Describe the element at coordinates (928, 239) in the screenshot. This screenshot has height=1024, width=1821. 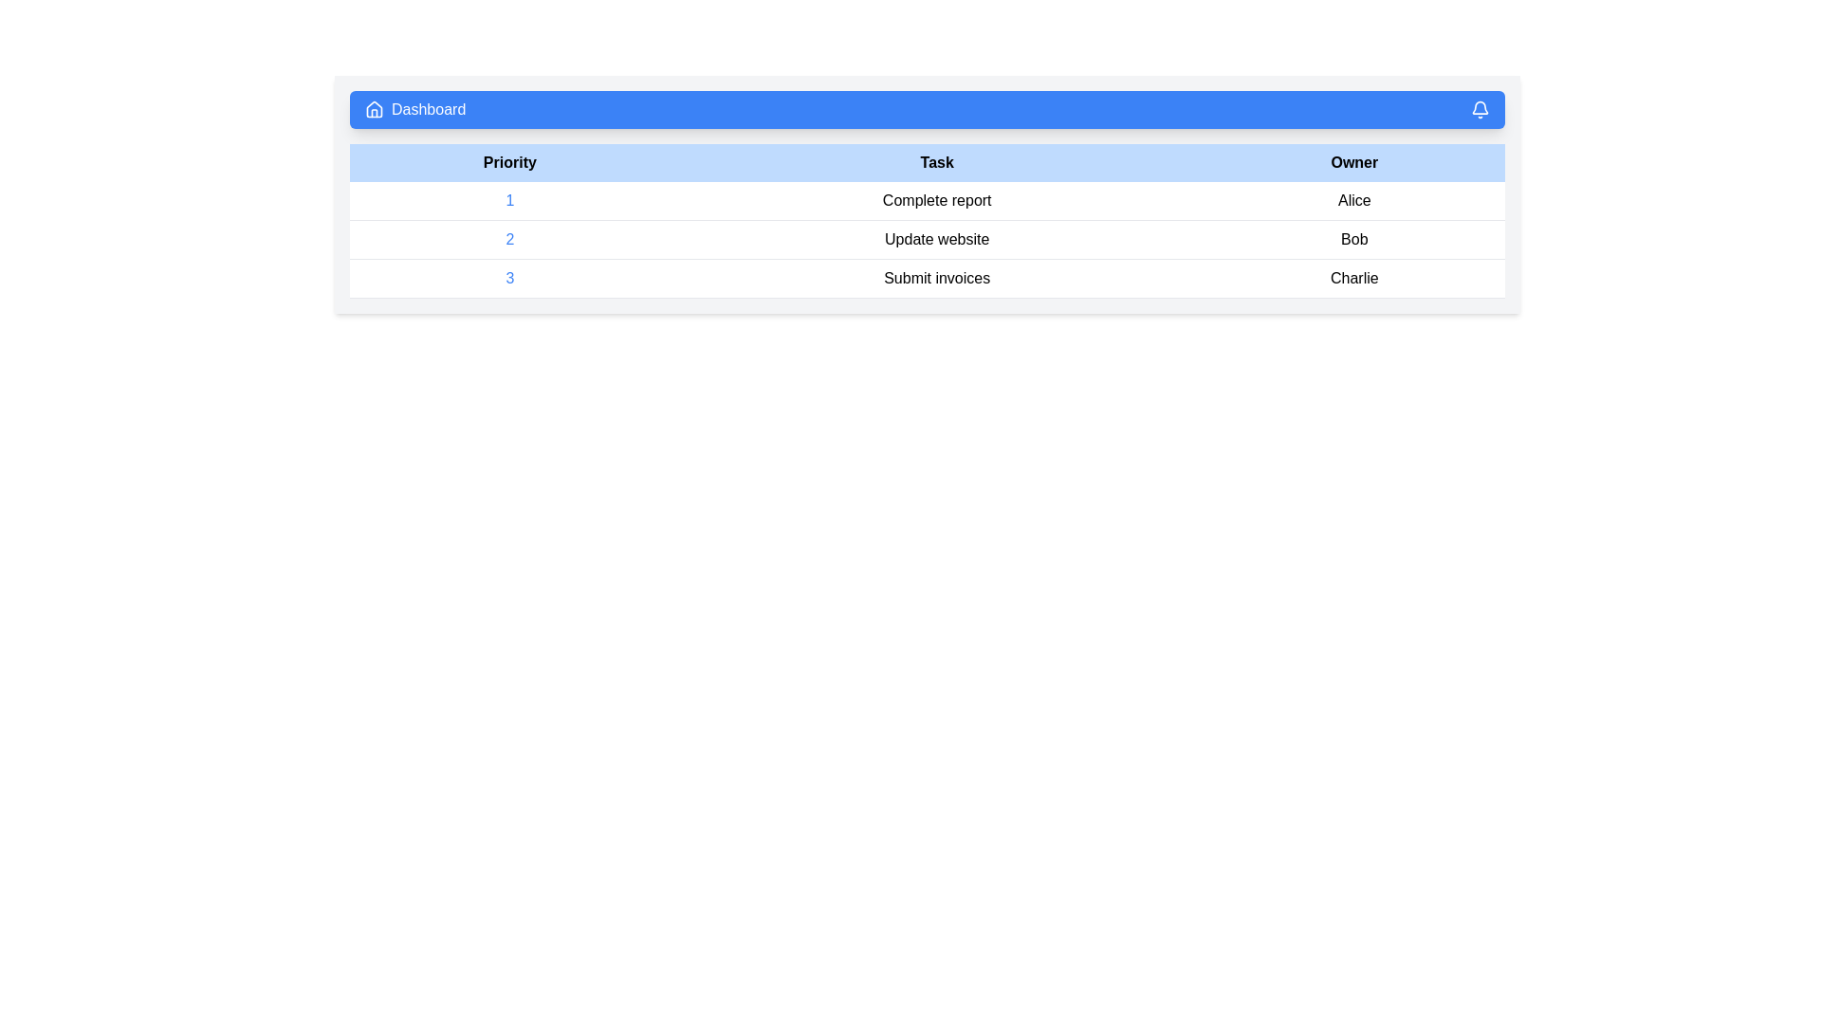
I see `the second row in the list that contains the blue number '2', the text 'Update website', and the name 'Bob'` at that location.